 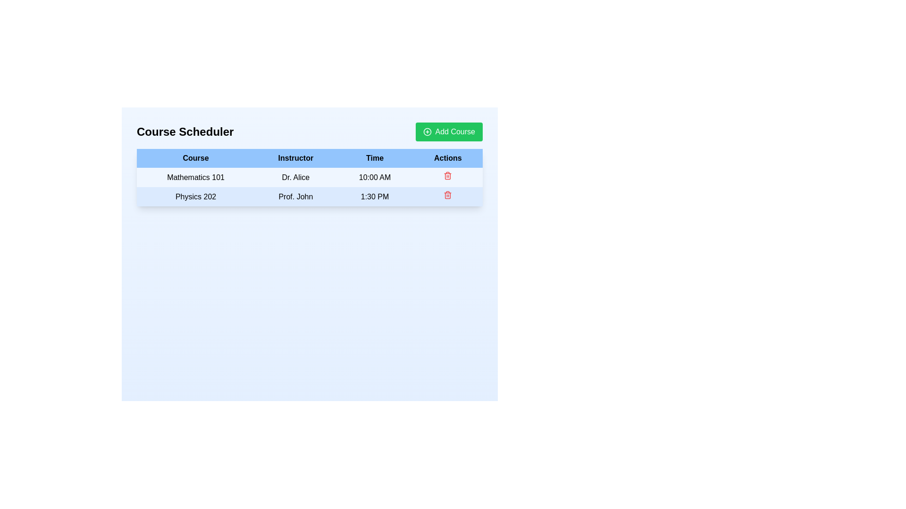 What do you see at coordinates (310, 196) in the screenshot?
I see `the second row of the course information table, which displays 'Physics 202'` at bounding box center [310, 196].